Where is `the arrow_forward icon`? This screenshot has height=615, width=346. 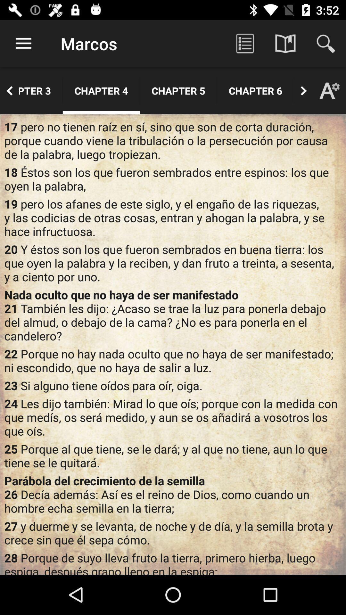
the arrow_forward icon is located at coordinates (303, 90).